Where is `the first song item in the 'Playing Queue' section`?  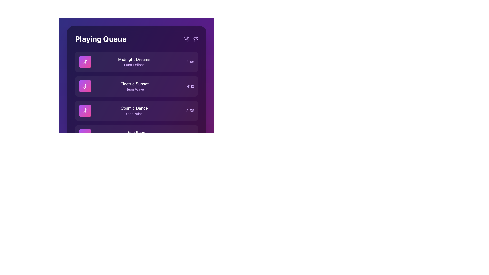
the first song item in the 'Playing Queue' section is located at coordinates (137, 73).